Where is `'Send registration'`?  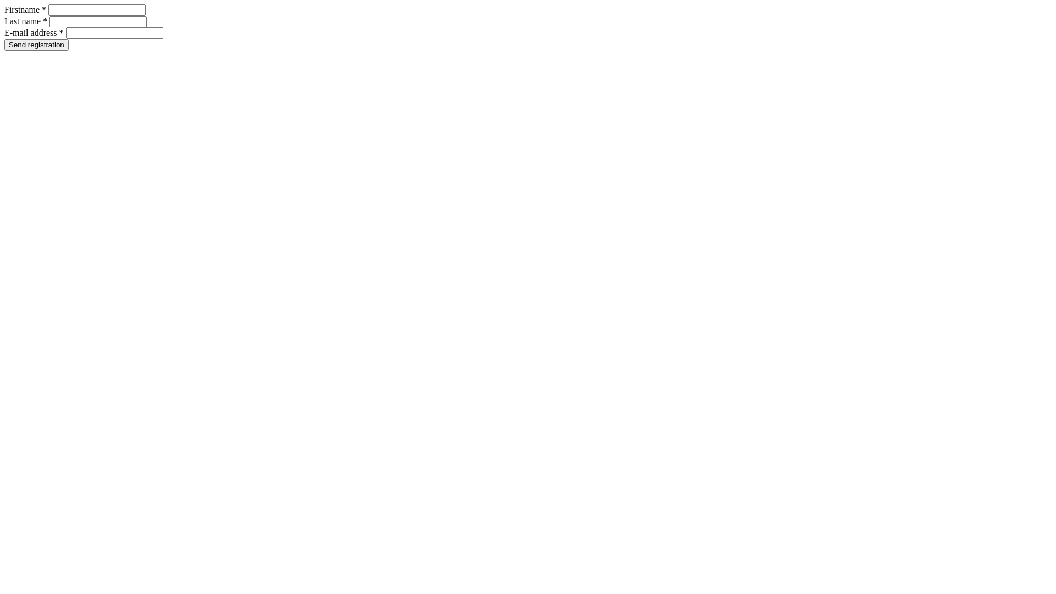
'Send registration' is located at coordinates (4, 44).